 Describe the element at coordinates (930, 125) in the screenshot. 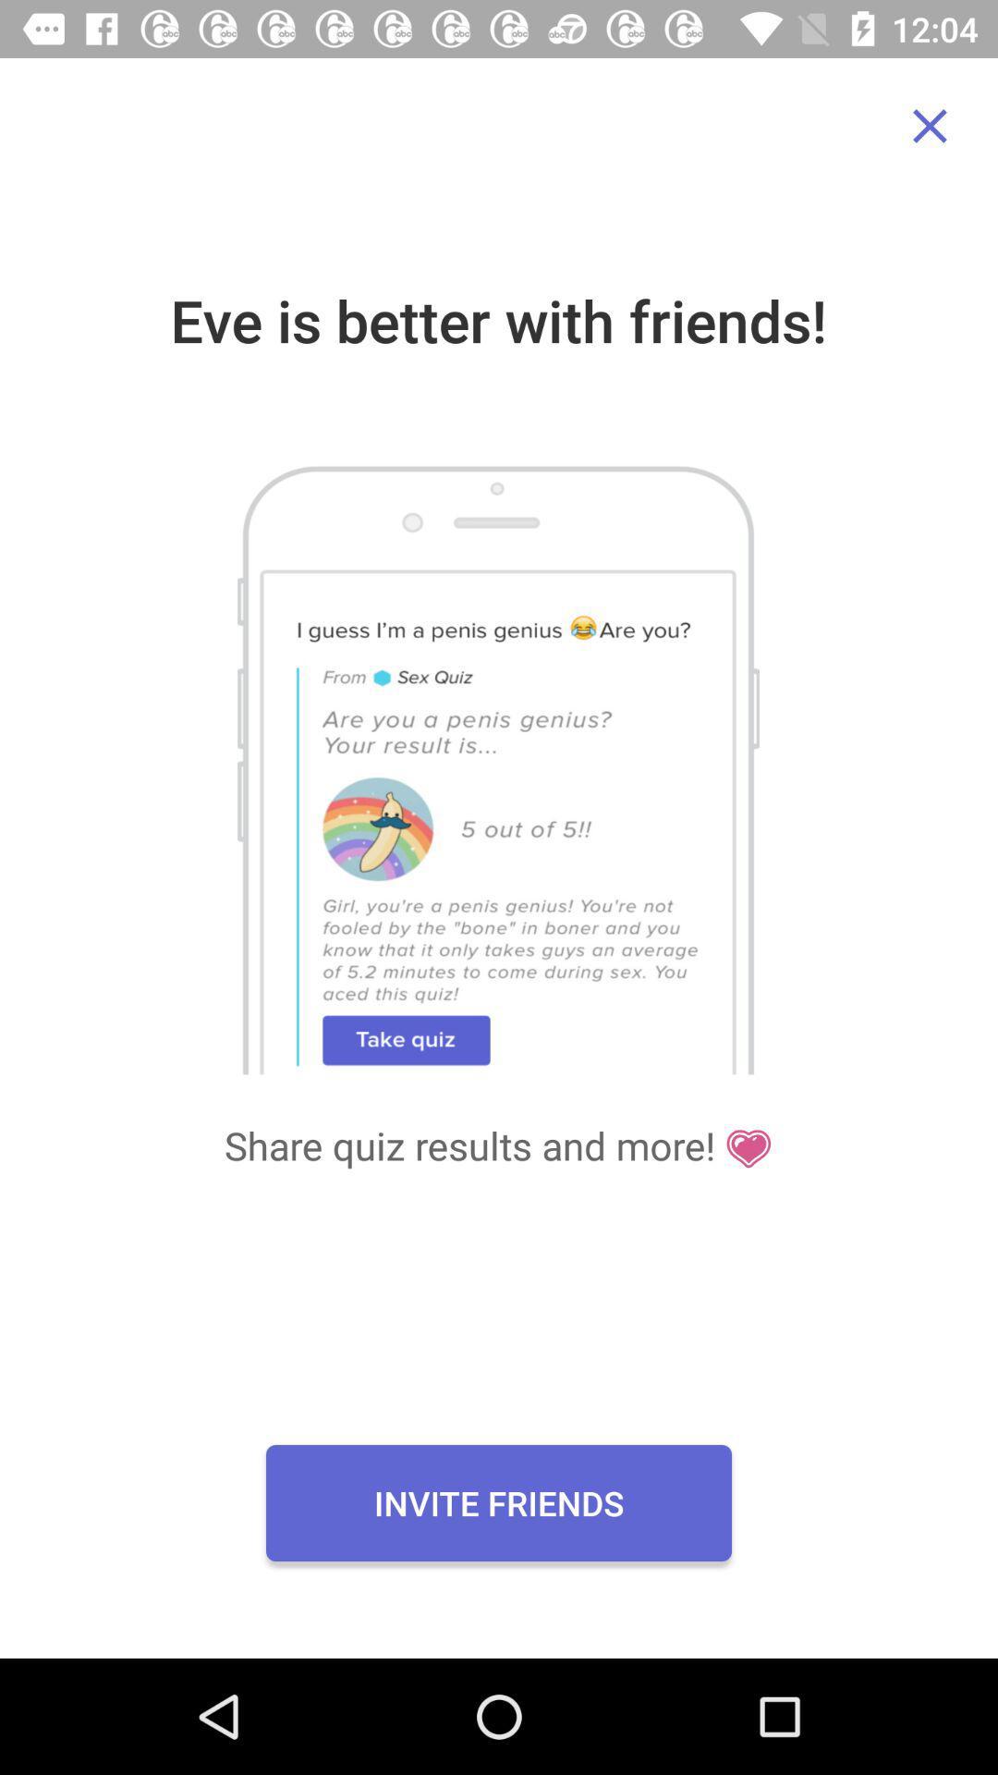

I see `the window` at that location.